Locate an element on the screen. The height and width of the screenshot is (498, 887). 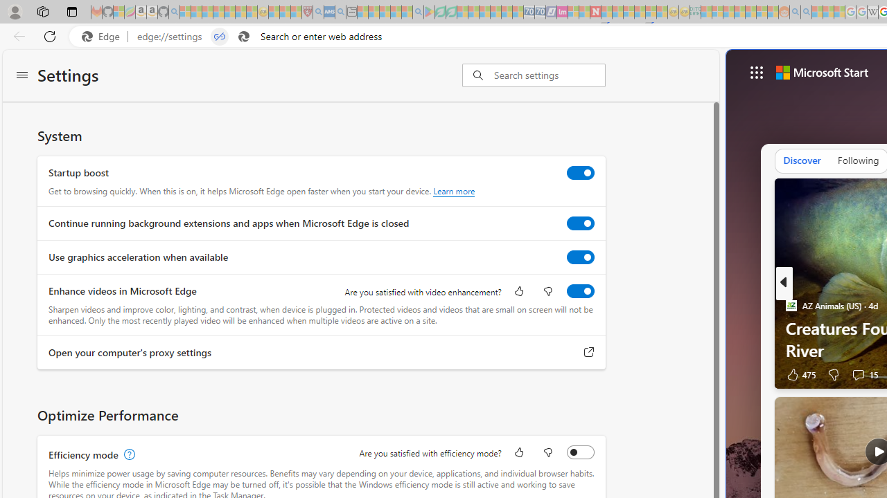
'Search settings' is located at coordinates (548, 75).